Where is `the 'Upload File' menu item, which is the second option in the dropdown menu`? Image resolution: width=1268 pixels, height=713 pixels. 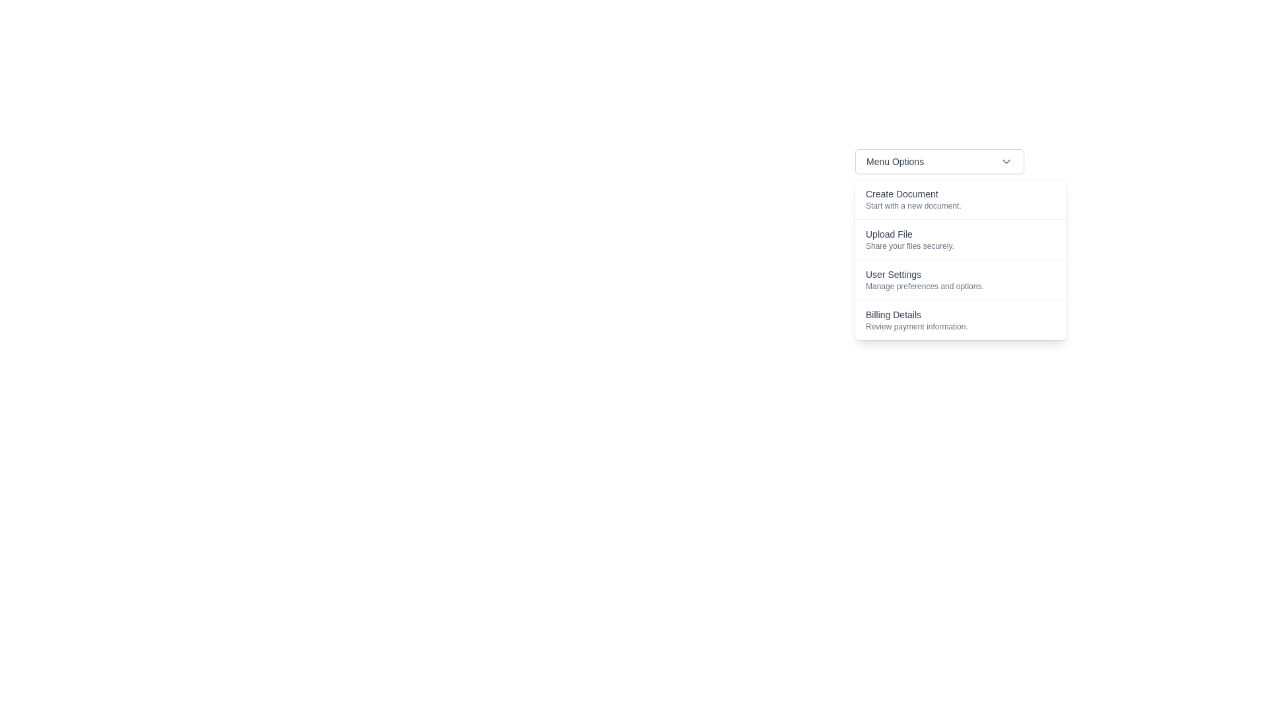 the 'Upload File' menu item, which is the second option in the dropdown menu is located at coordinates (938, 254).